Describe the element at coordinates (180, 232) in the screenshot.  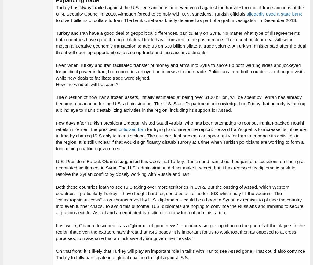
I see `'Last week, Obama described it as a "glimmer of good news" -- an increasing recognition on the part of all the players in the region that given the extraordinary threat that ISIS poses "it is important for us to work together, as opposed to at cross-purposes, to make sure that an inclusive Syrian government exists."'` at that location.